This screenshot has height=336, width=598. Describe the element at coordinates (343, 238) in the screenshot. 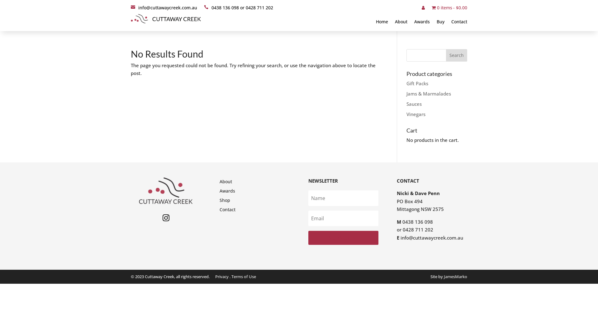

I see `'SUBSCRIBE'` at that location.